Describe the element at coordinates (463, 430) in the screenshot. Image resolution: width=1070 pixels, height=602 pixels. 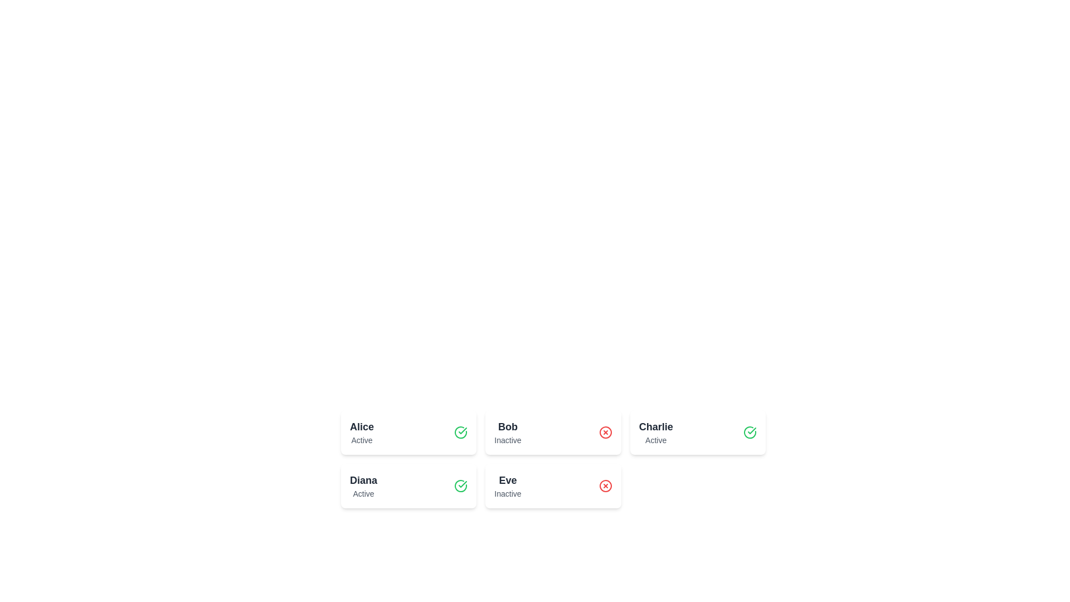
I see `the green checkmark icon located in the bottom-left card of the grid layout, adjacent to the text 'Diana' and the status 'Active'` at that location.